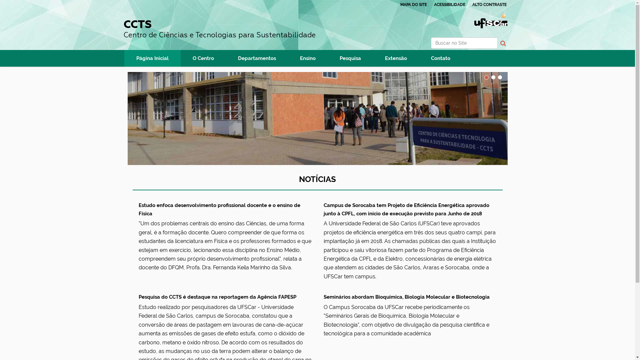 This screenshot has height=360, width=640. I want to click on 'ALTO CONTRASTE', so click(489, 5).